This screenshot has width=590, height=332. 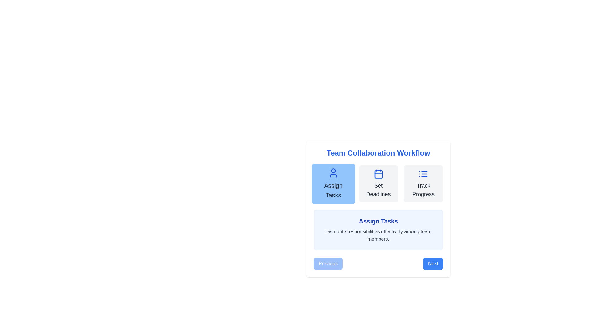 I want to click on the 'Next' button, which is a rectangular button with a blue background and white text, so click(x=433, y=263).